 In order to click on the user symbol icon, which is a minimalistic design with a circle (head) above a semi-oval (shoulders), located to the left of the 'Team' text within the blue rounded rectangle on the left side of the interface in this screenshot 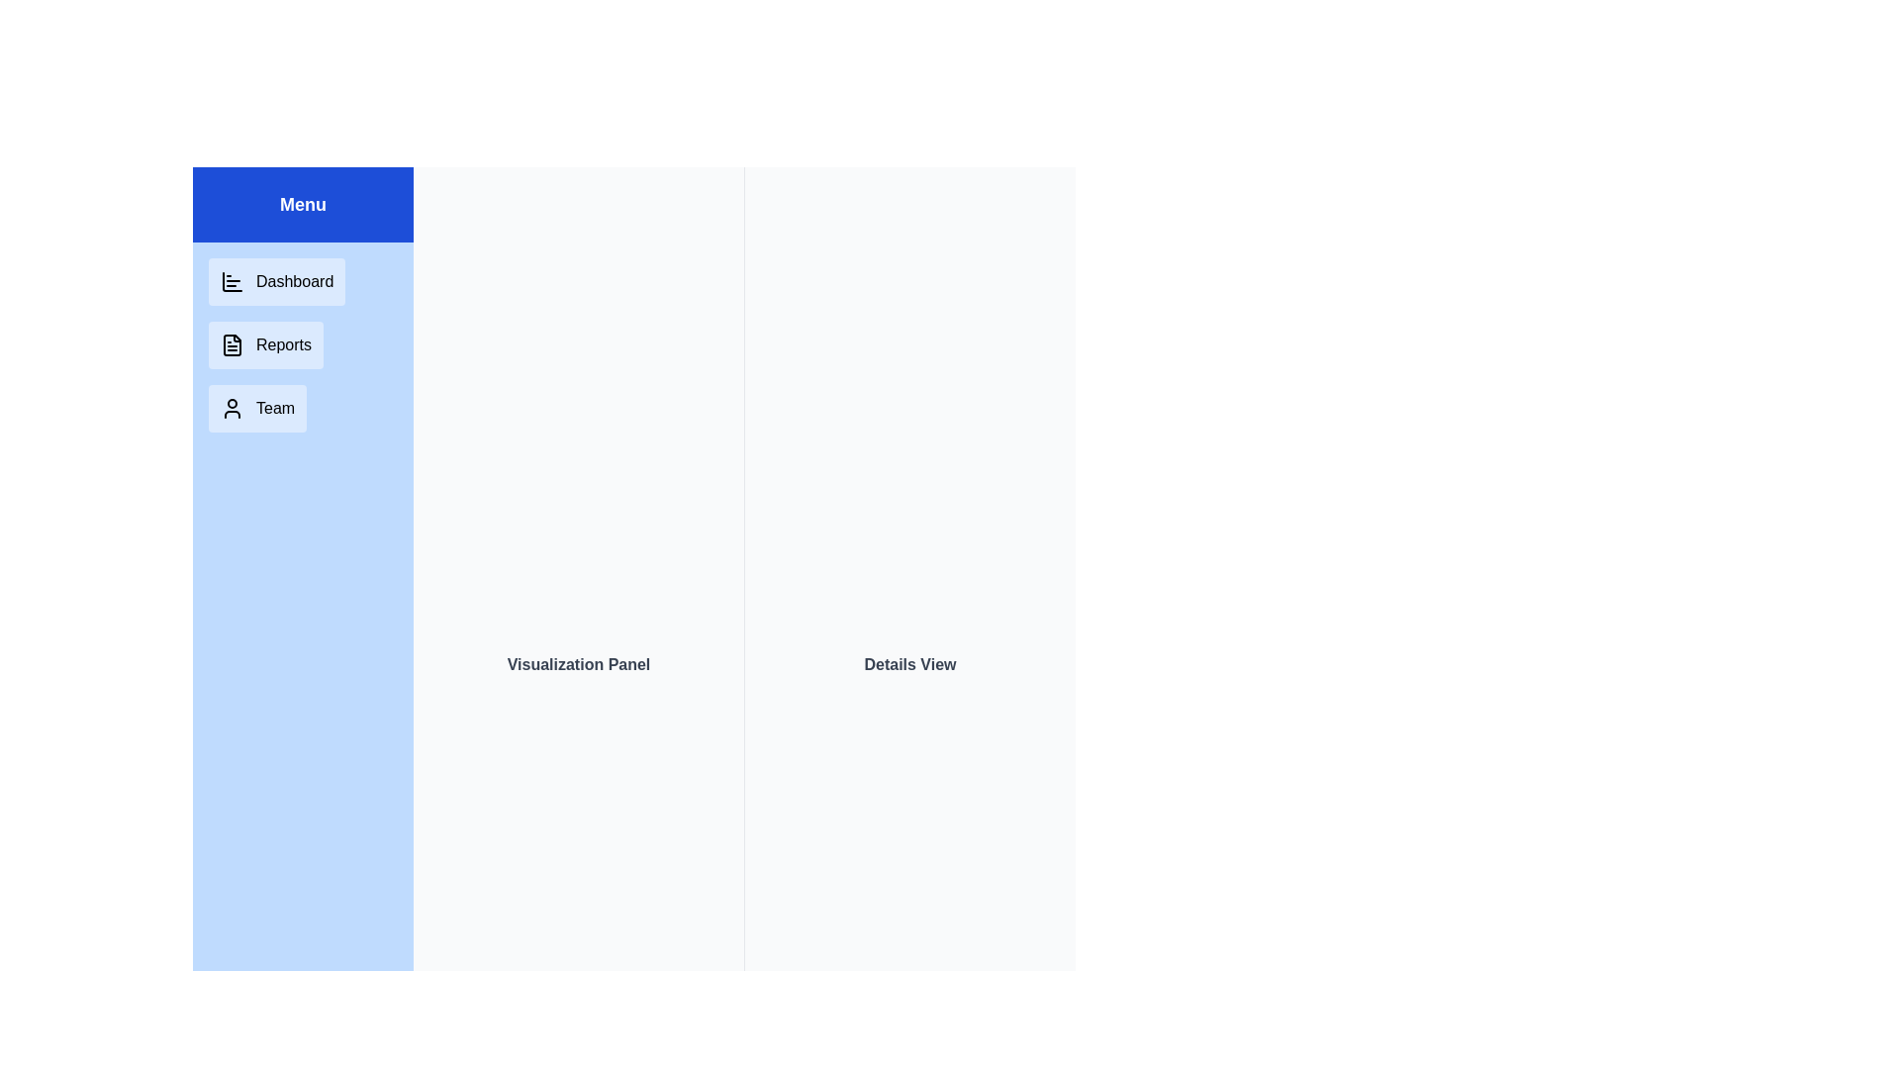, I will do `click(233, 407)`.